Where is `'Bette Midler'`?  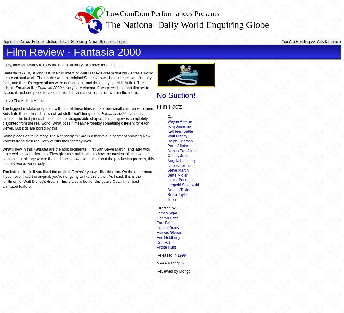
'Bette Midler' is located at coordinates (177, 175).